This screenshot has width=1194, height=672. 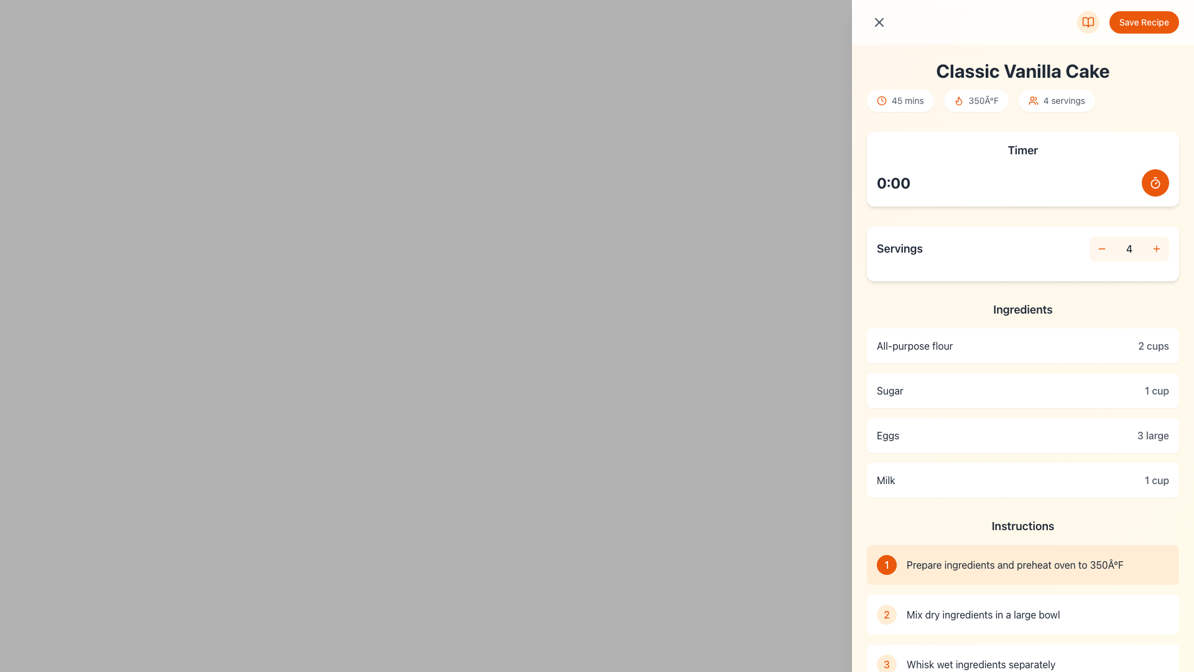 I want to click on text content of the middle informational pill in the structured row under the title 'Classic Vanilla Cake', so click(x=1023, y=100).